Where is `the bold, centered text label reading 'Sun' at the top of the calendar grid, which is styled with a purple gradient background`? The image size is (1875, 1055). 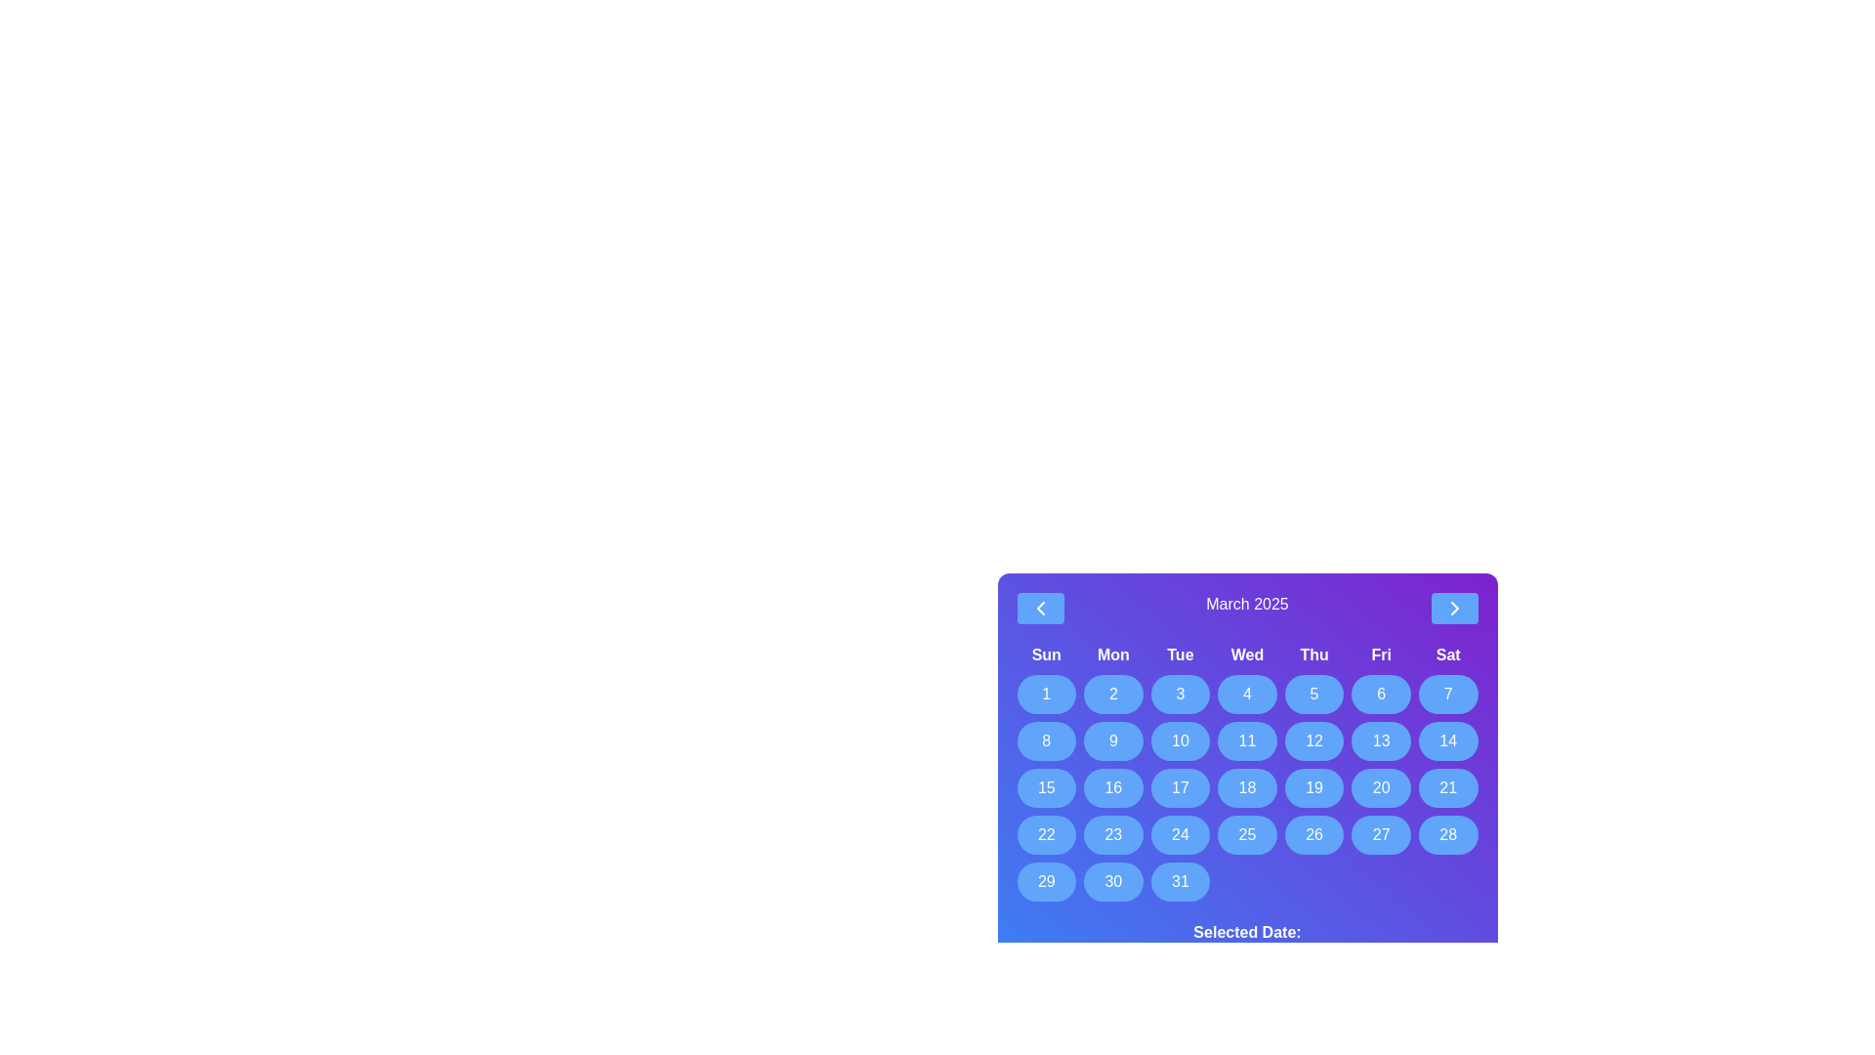 the bold, centered text label reading 'Sun' at the top of the calendar grid, which is styled with a purple gradient background is located at coordinates (1045, 655).